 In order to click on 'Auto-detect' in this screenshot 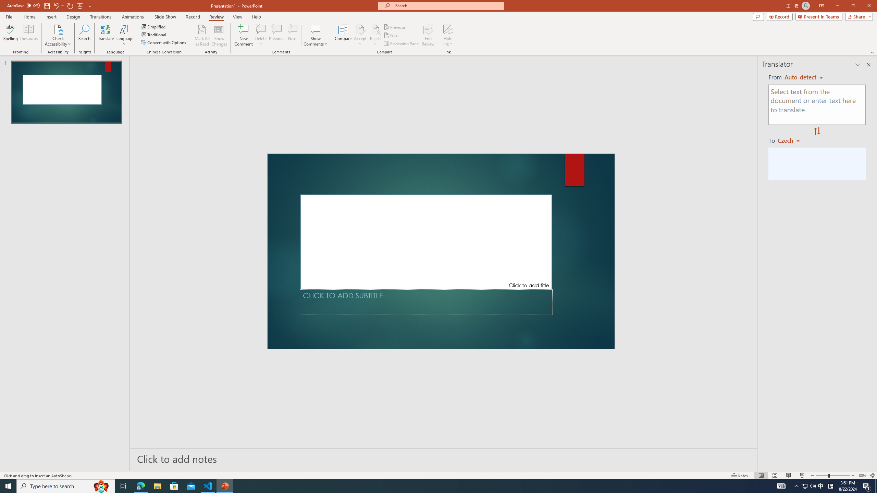, I will do `click(803, 77)`.